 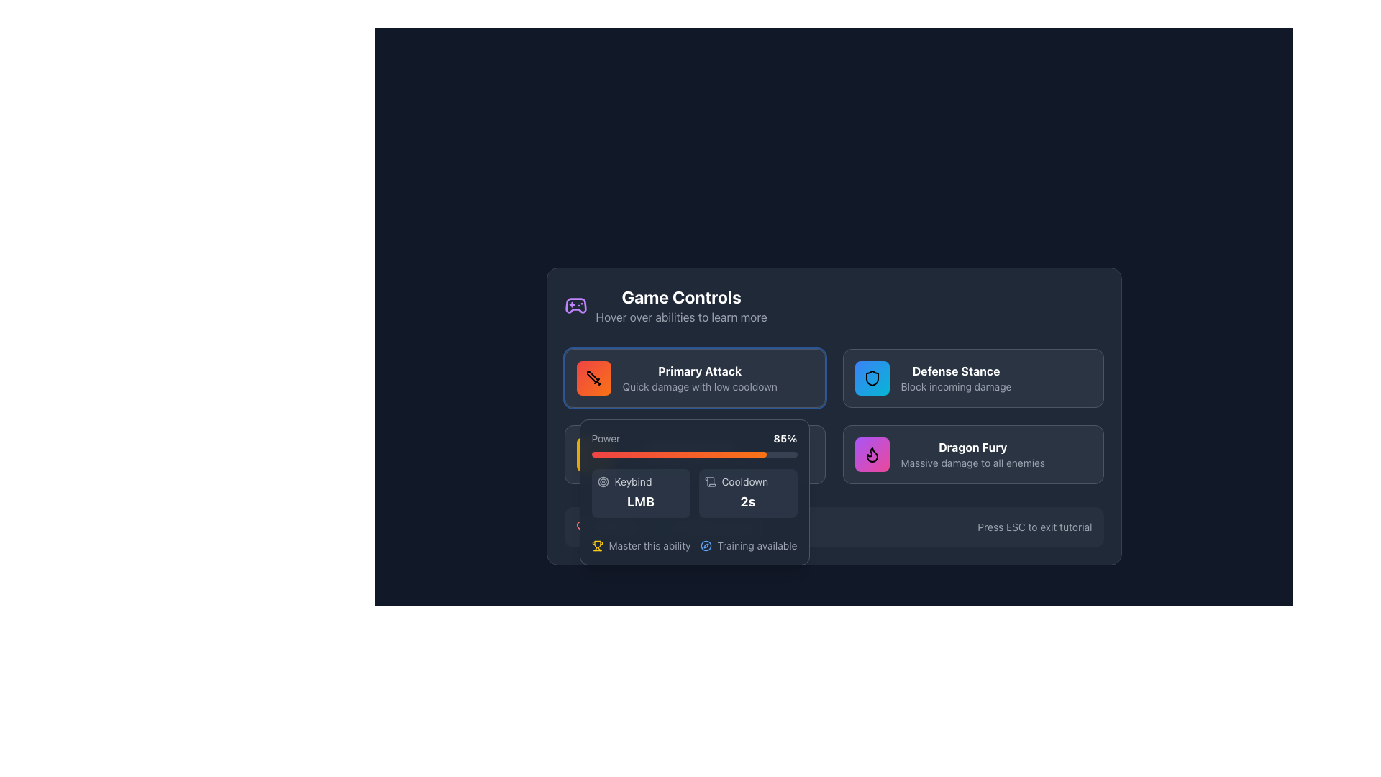 I want to click on the 'Dragon Fury' ability title text label, which identifies the ability and is positioned above the description 'Massive damage to all enemies', so click(x=972, y=446).